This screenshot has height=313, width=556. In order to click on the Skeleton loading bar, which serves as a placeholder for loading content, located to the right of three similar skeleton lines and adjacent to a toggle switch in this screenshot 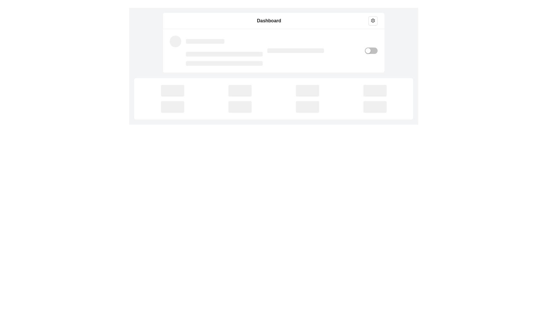, I will do `click(313, 50)`.